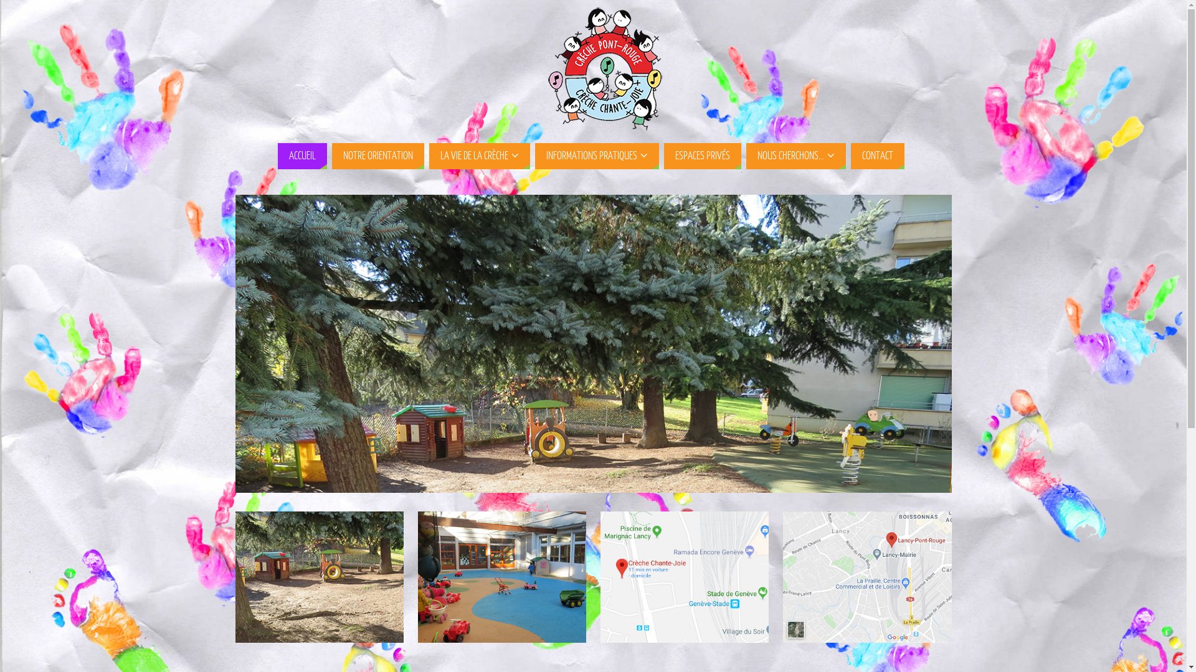 The width and height of the screenshot is (1196, 672). Describe the element at coordinates (502, 577) in the screenshot. I see `'Inscription & Liens utiles'` at that location.